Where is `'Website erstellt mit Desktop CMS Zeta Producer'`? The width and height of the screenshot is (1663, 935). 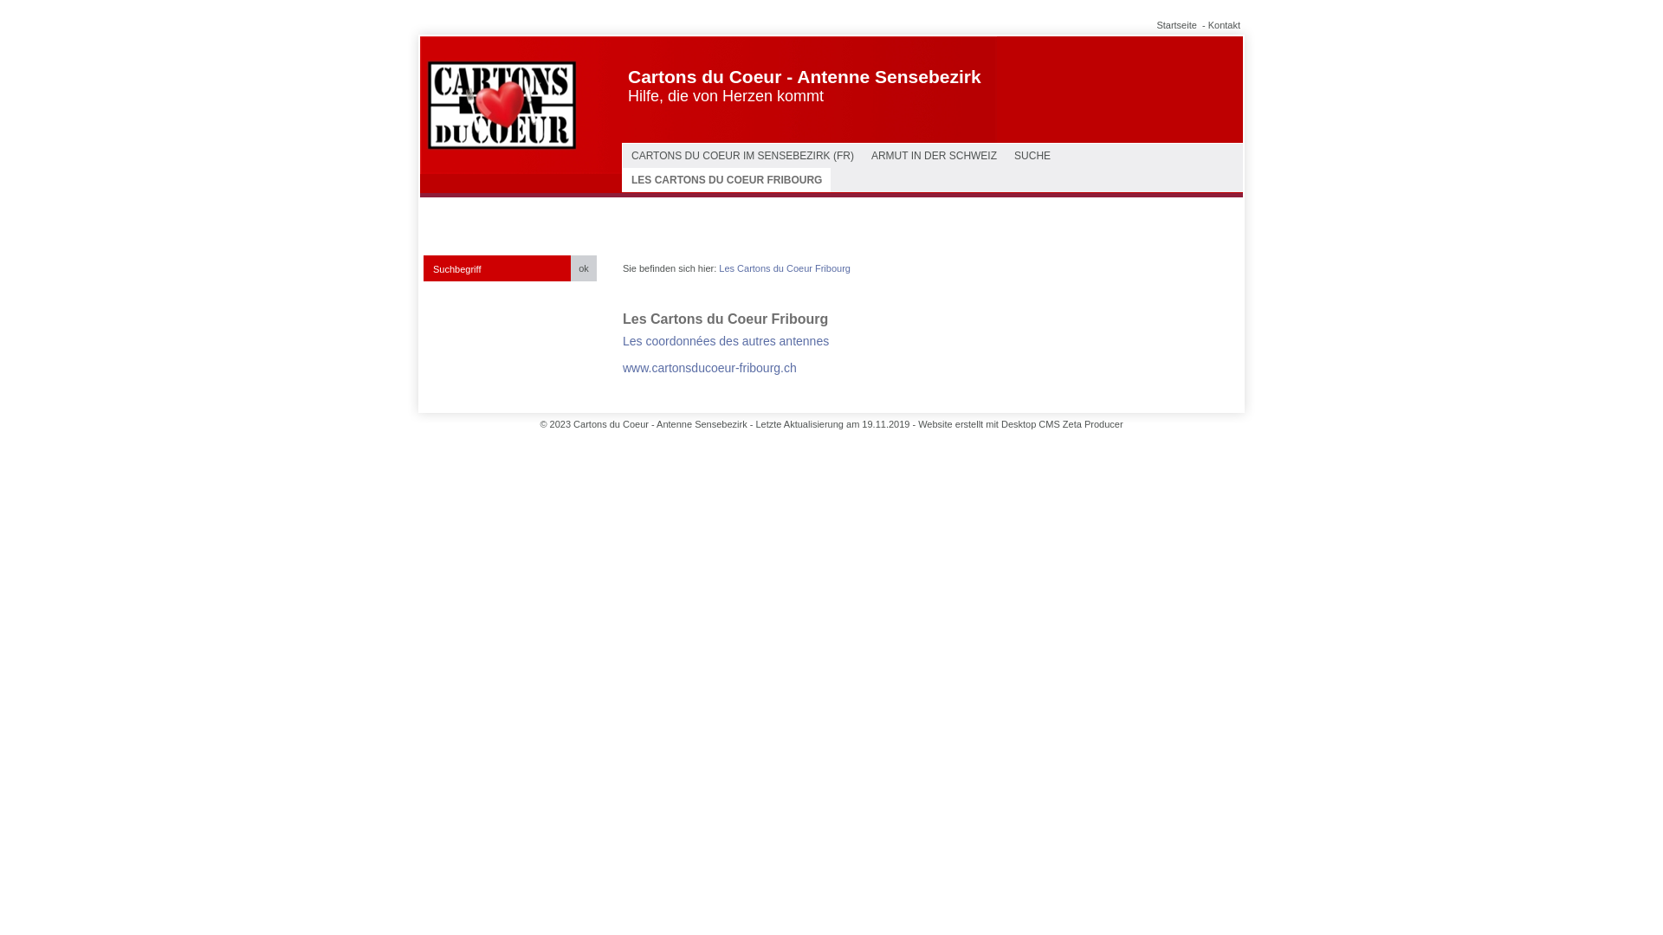
'Website erstellt mit Desktop CMS Zeta Producer' is located at coordinates (1019, 423).